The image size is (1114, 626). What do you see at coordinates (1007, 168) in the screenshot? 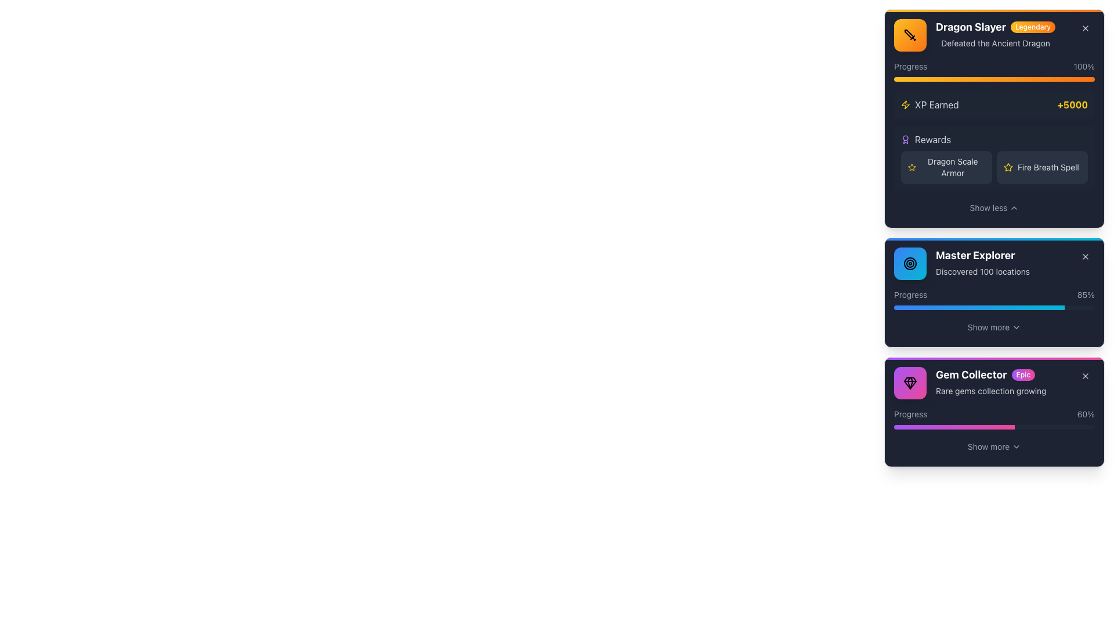
I see `the star-shaped metallic yellow icon in the 'Rewards' section of the 'Dragon Slayer' achievement card, located next to the text 'Dragon Scale Armor'` at bounding box center [1007, 168].